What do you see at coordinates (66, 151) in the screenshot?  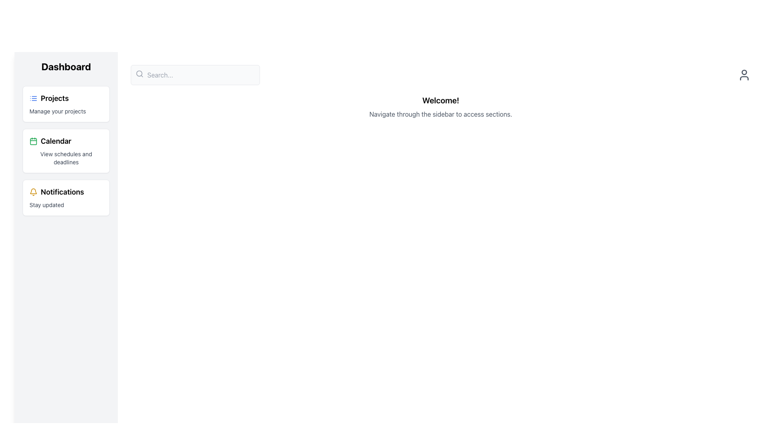 I see `the Calendar button located in the left sidebar of the interface, which features a green calendar icon and the text 'Calendar' in bold, followed by 'View schedules and deadlines'` at bounding box center [66, 151].